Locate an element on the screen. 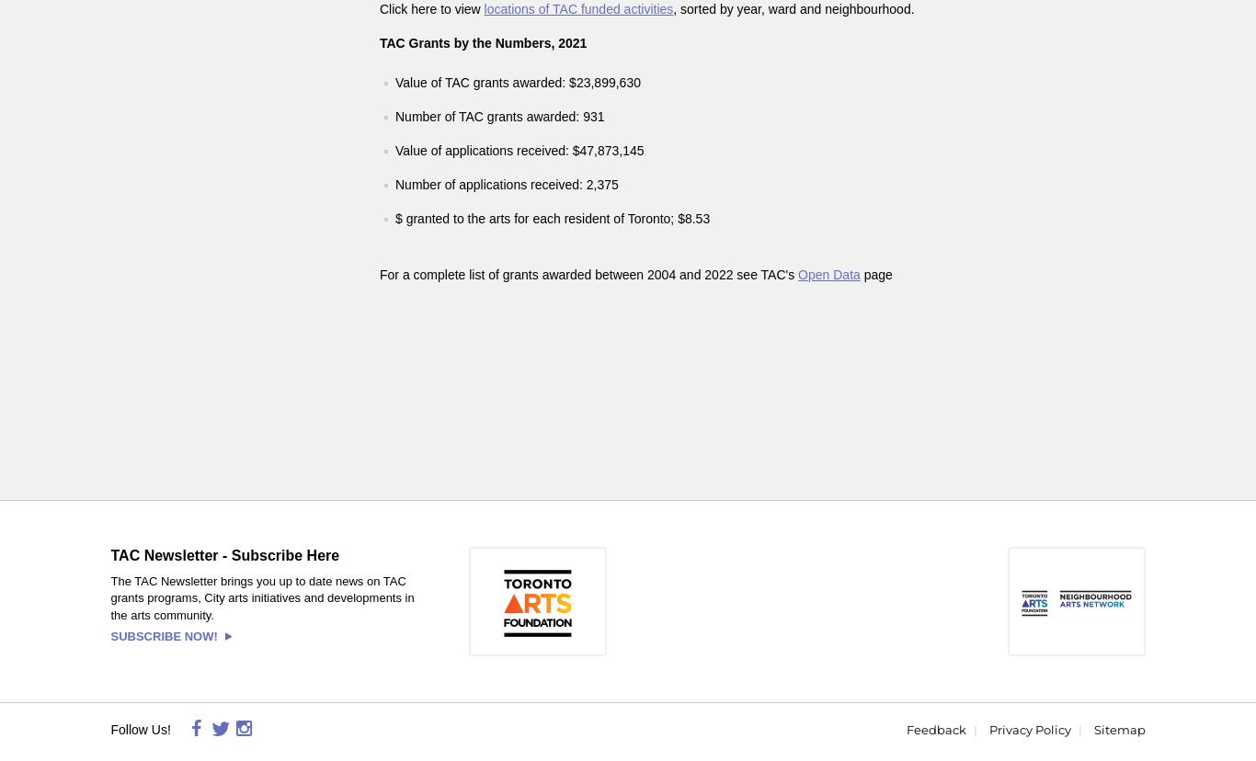 The image size is (1256, 761). 'TAC Newsletter - Subscribe Here' is located at coordinates (224, 554).